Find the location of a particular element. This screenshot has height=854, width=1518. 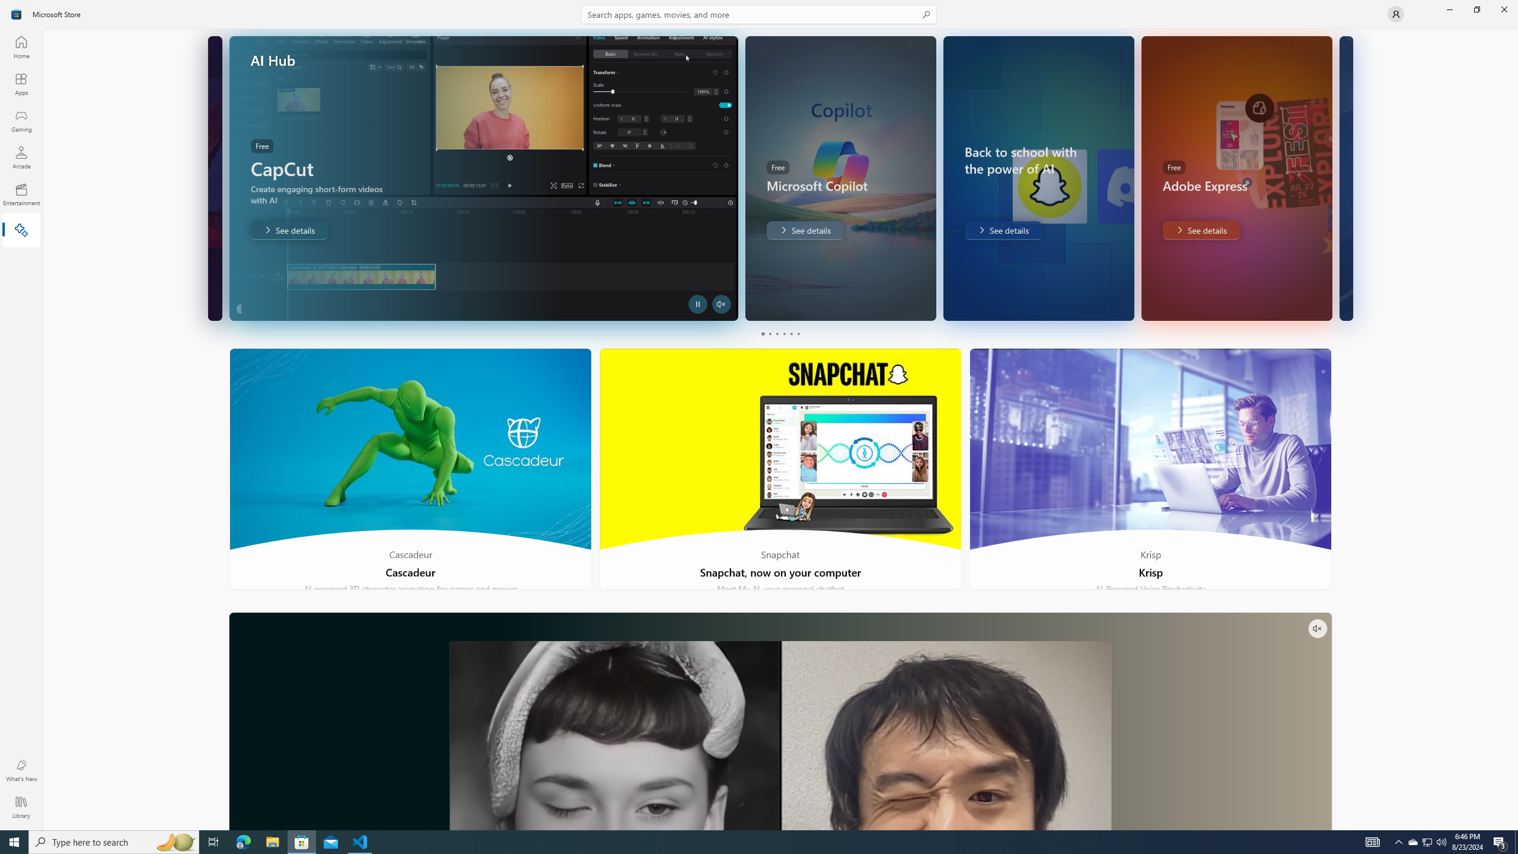

'Close Microsoft Store' is located at coordinates (1503, 9).